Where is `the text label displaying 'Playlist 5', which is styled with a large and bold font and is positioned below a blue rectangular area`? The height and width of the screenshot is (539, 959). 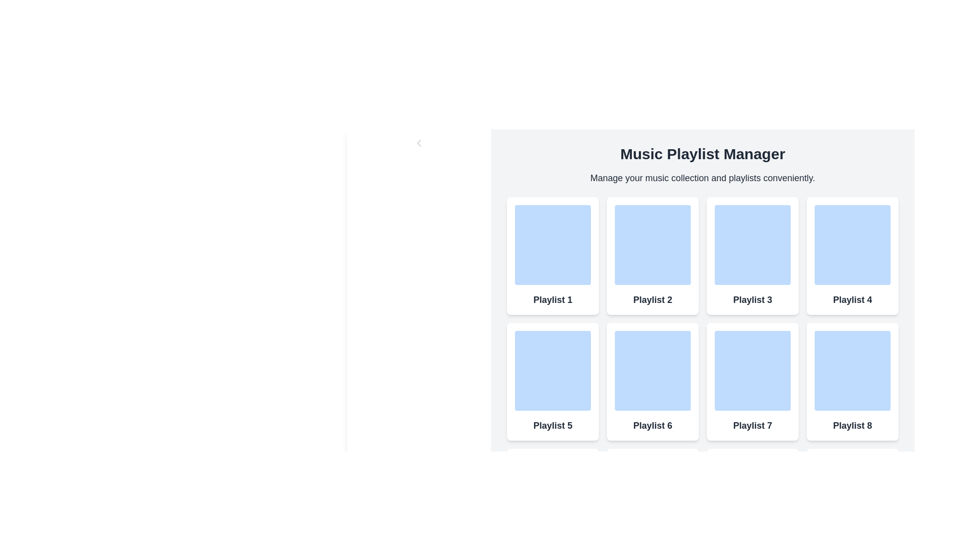 the text label displaying 'Playlist 5', which is styled with a large and bold font and is positioned below a blue rectangular area is located at coordinates (552, 425).